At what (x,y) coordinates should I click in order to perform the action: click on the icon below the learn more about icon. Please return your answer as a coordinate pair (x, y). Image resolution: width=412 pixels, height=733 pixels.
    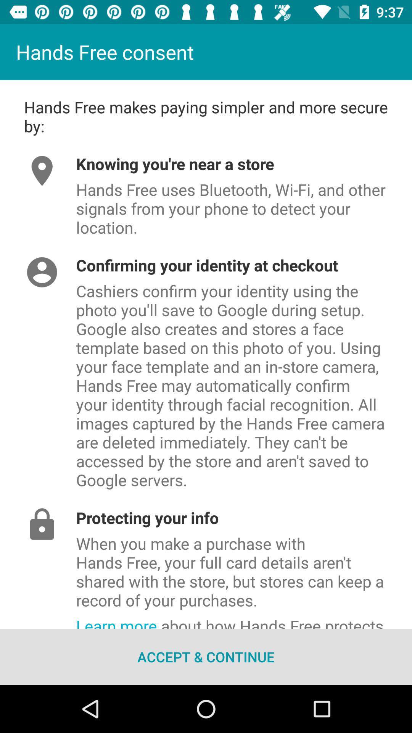
    Looking at the image, I should click on (206, 656).